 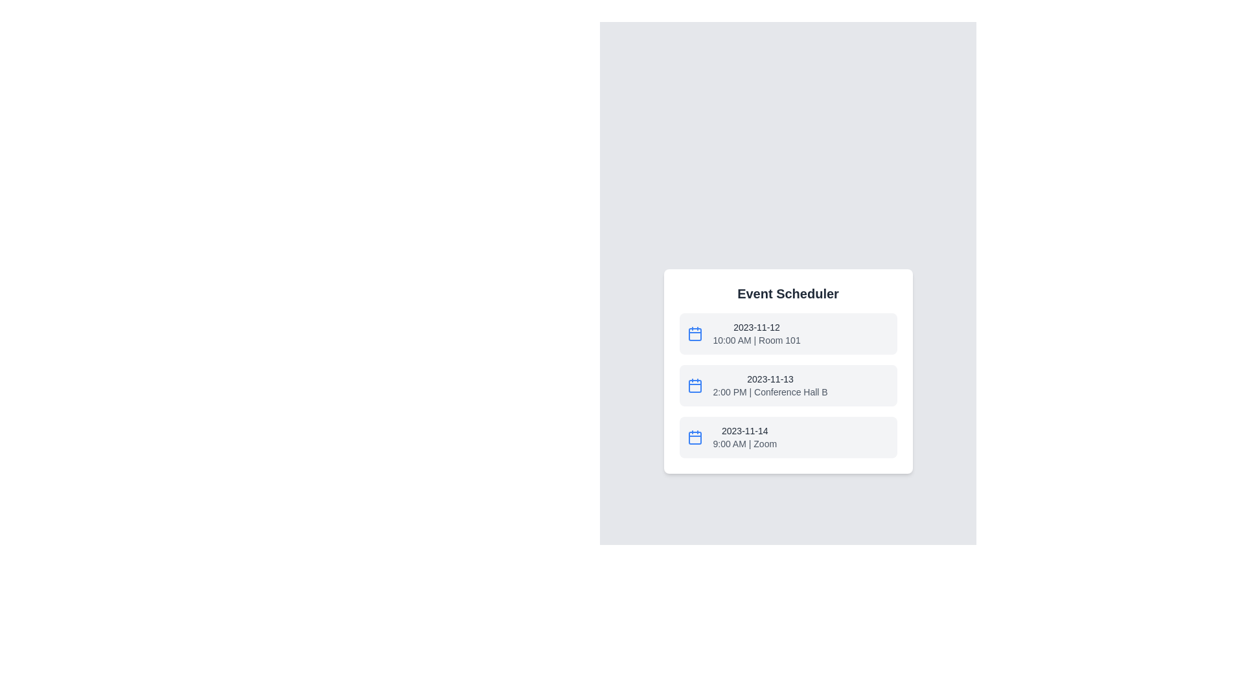 What do you see at coordinates (787, 294) in the screenshot?
I see `the static text element titled 'Event Scheduler', which is styled in bold dark gray font and positioned at the top of a white card containing event details` at bounding box center [787, 294].